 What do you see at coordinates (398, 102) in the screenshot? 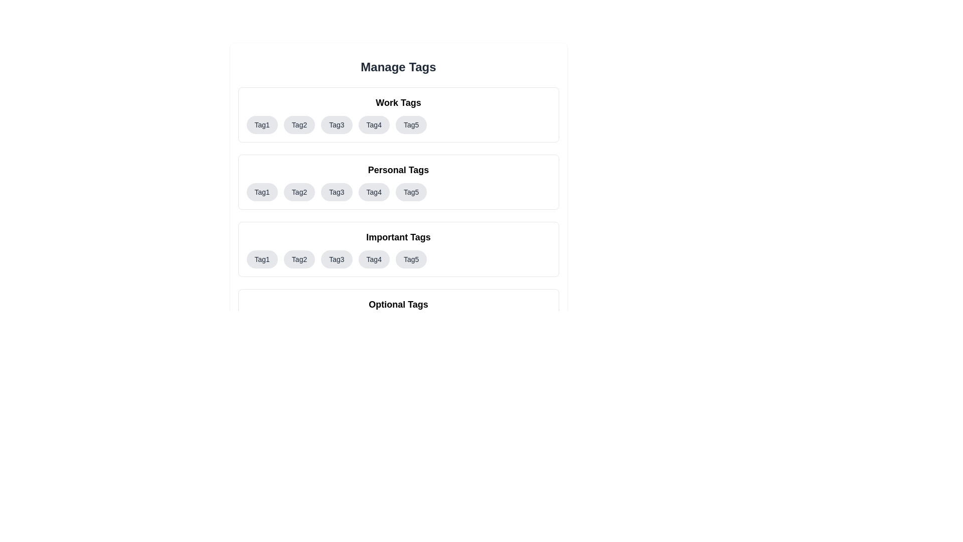
I see `the static text label displaying 'Work Tags', which serves as a section title and is positioned above the tag buttons` at bounding box center [398, 102].